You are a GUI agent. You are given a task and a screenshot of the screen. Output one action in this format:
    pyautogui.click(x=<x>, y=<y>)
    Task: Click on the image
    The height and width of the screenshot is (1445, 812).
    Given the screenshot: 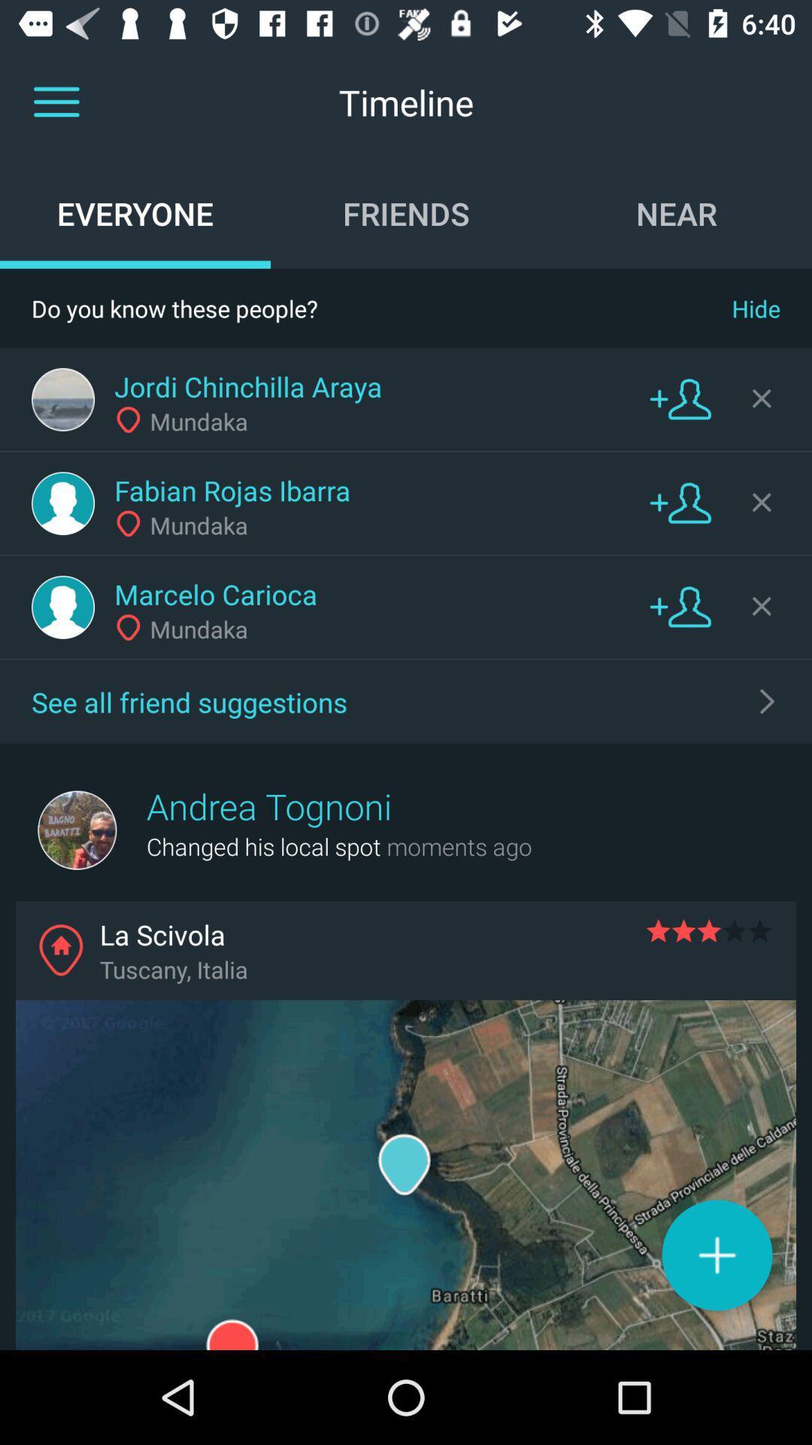 What is the action you would take?
    pyautogui.click(x=62, y=503)
    